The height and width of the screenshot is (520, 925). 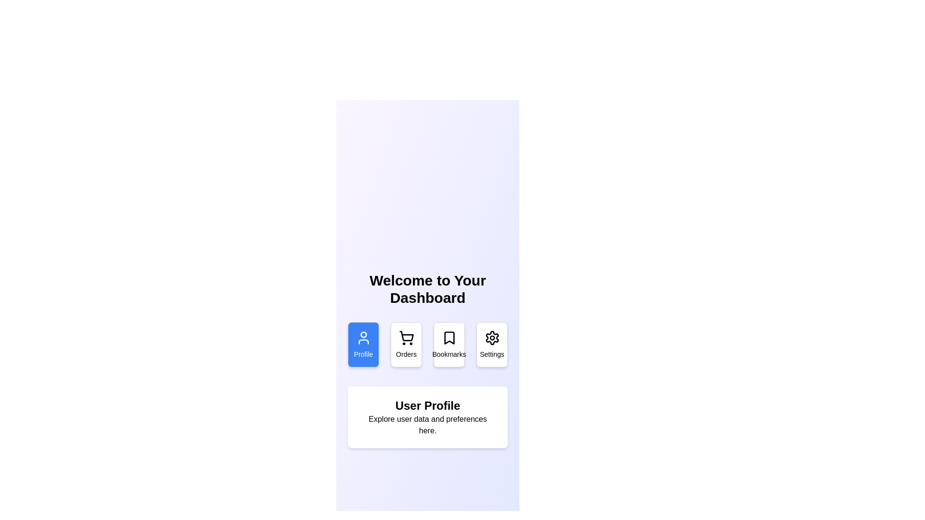 I want to click on the navigation button for accessing the Bookmarks section, so click(x=449, y=344).